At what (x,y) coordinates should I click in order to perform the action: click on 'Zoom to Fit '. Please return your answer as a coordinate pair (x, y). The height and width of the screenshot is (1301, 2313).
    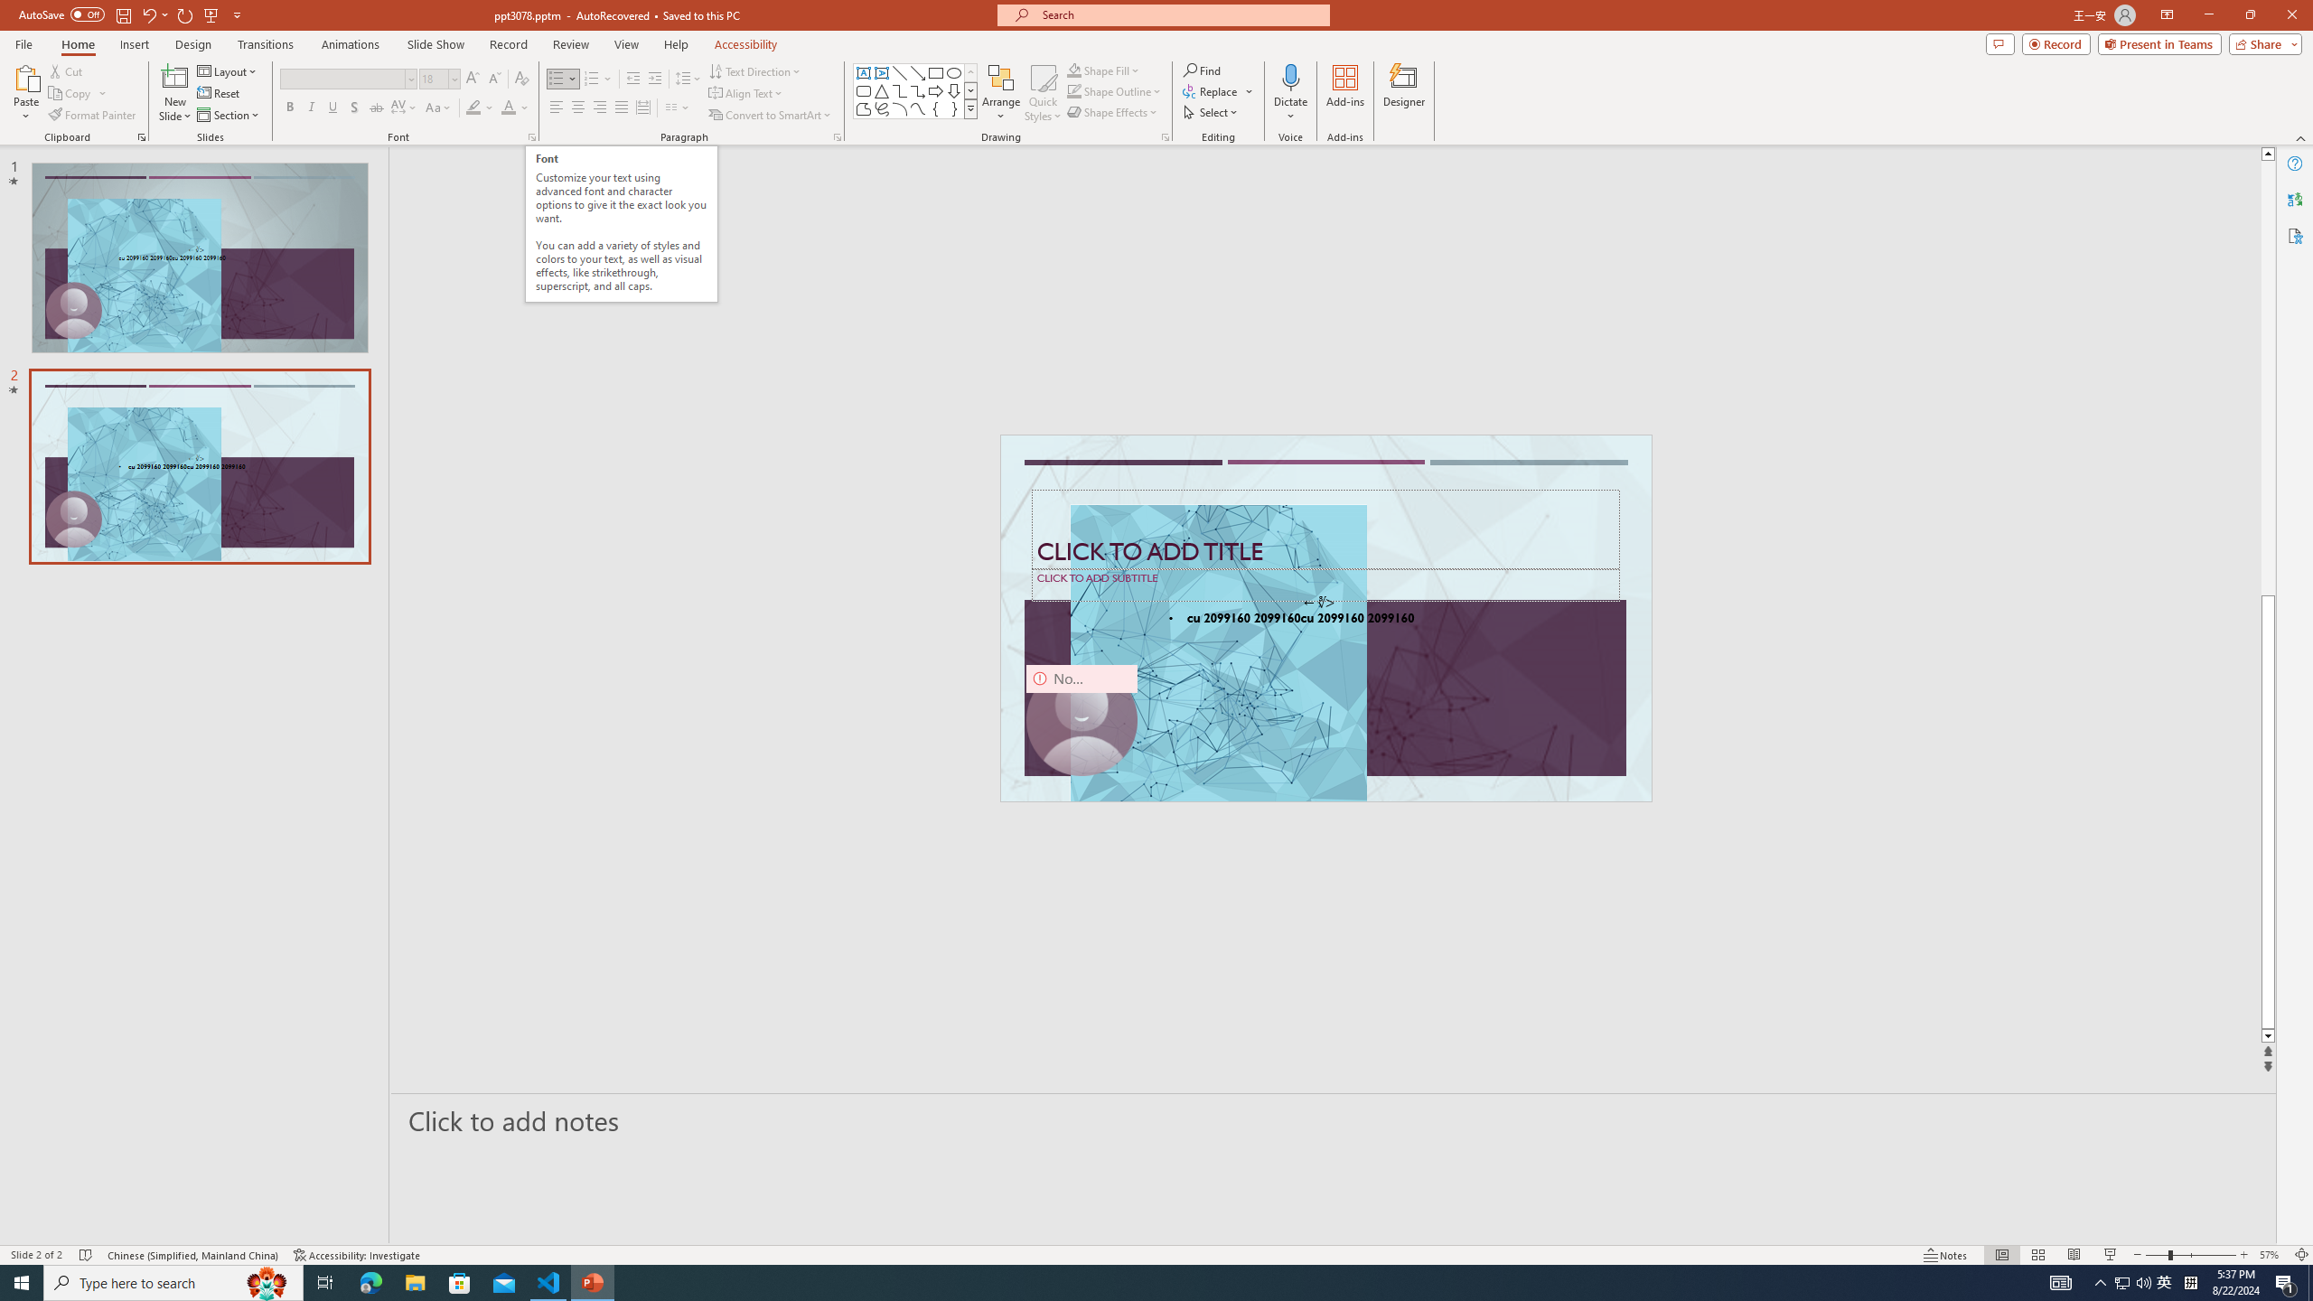
    Looking at the image, I should click on (2301, 1255).